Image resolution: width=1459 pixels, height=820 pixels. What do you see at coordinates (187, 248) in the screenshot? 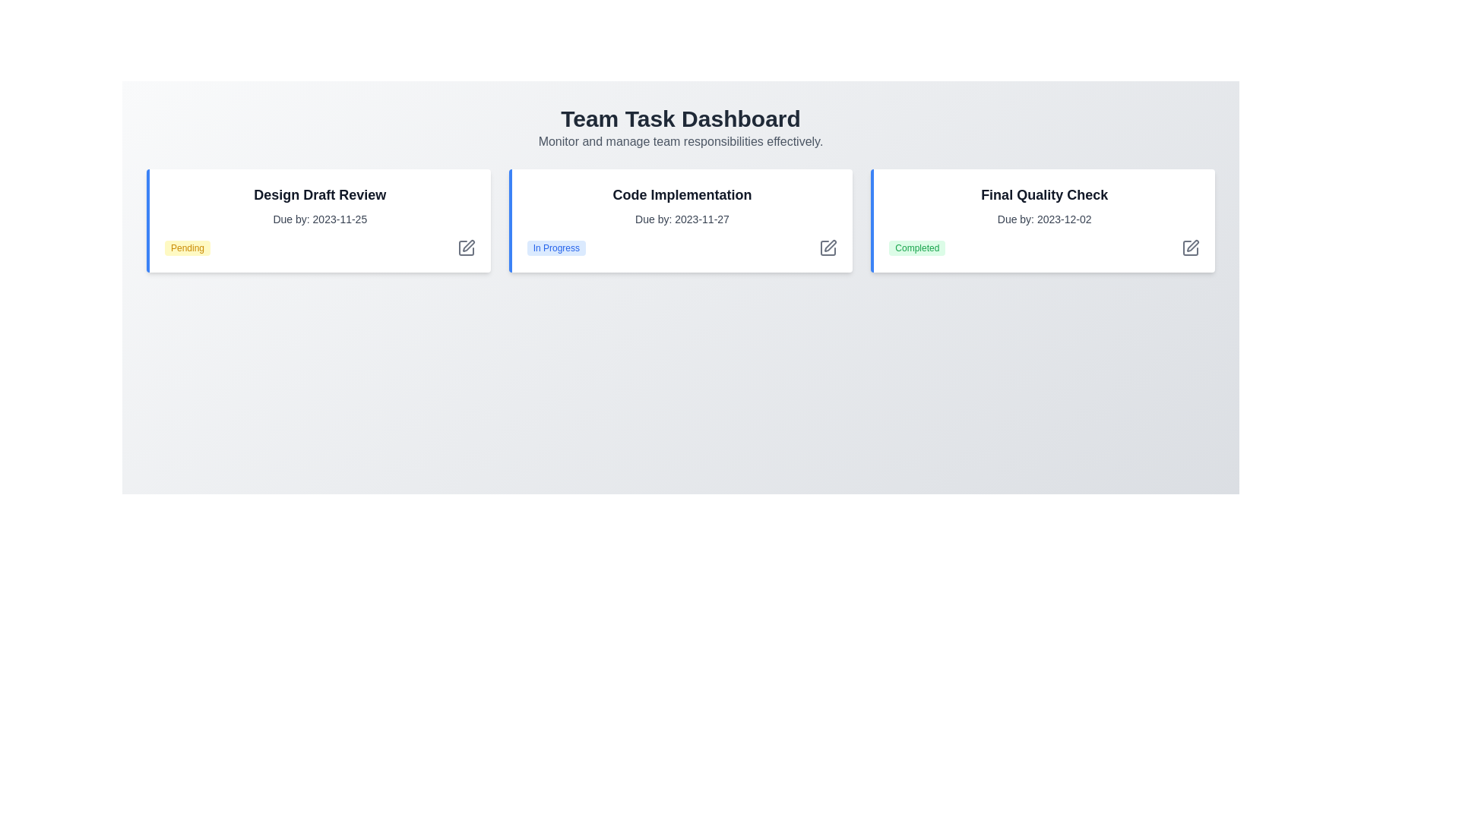
I see `the Status label indicating 'Pending' located in the top-left area of the 'Design Draft Review' task card` at bounding box center [187, 248].